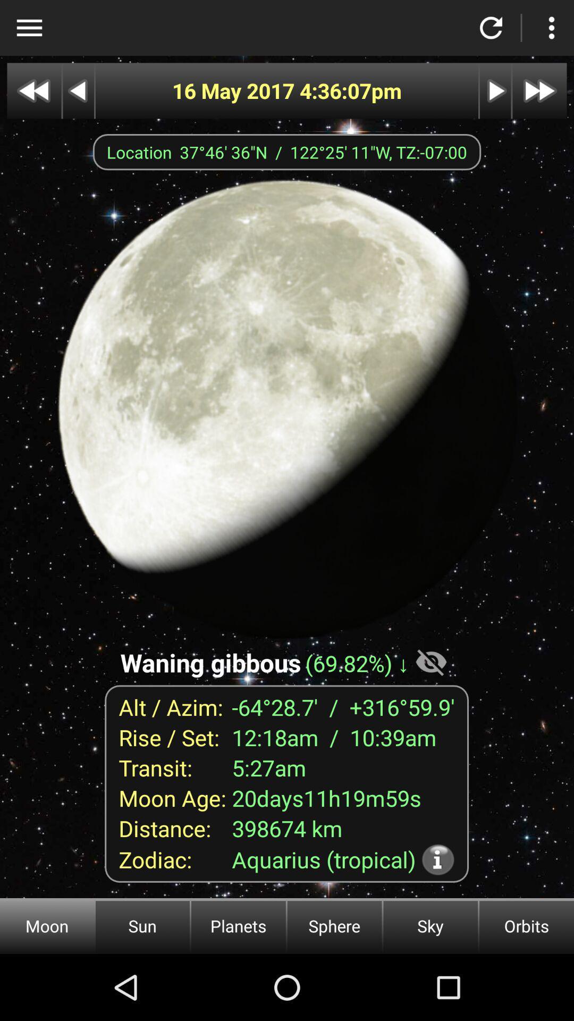 Image resolution: width=574 pixels, height=1021 pixels. I want to click on more options, so click(551, 28).